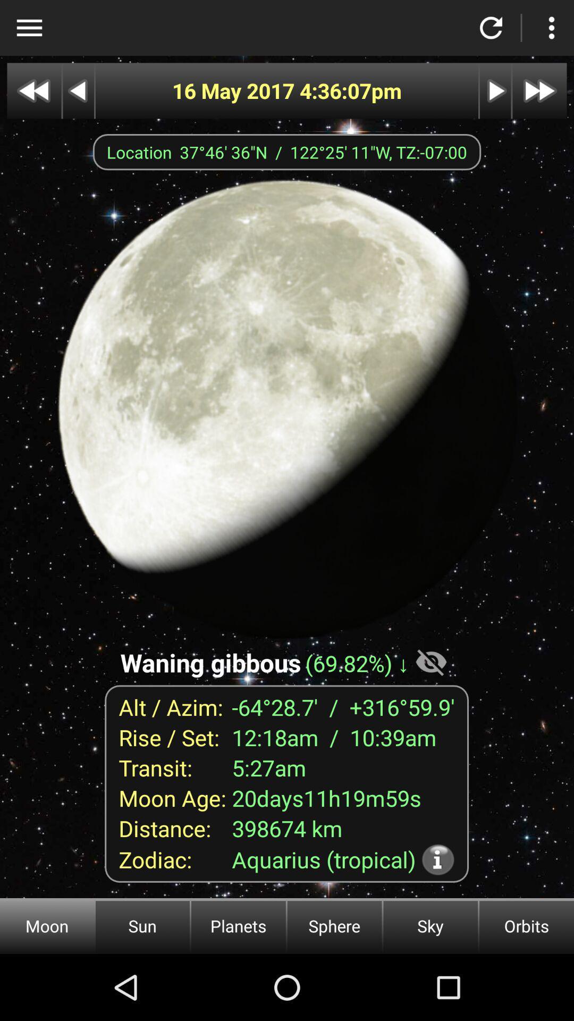 Image resolution: width=574 pixels, height=1021 pixels. I want to click on more options, so click(551, 28).